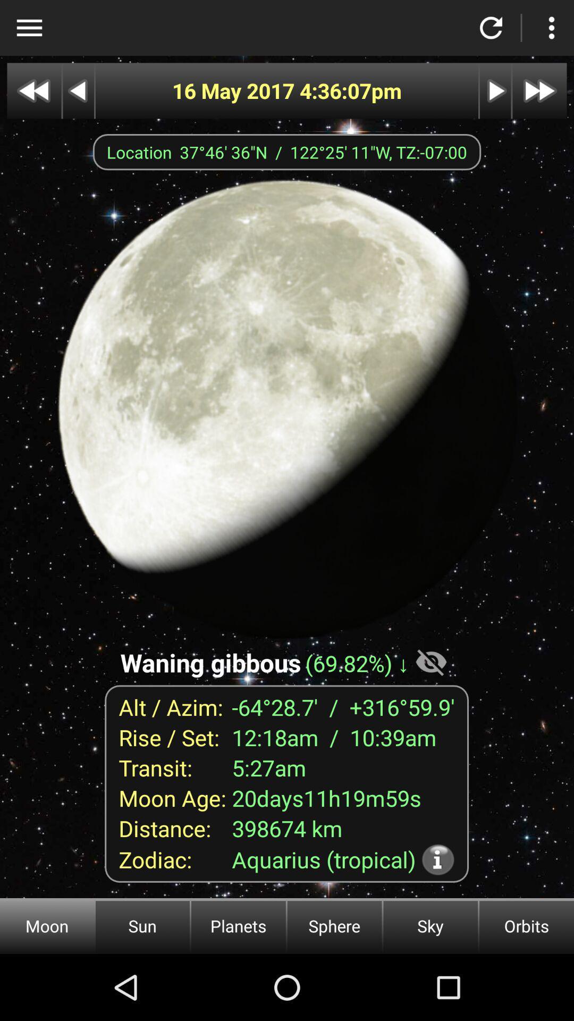 Image resolution: width=574 pixels, height=1021 pixels. I want to click on more options, so click(551, 28).